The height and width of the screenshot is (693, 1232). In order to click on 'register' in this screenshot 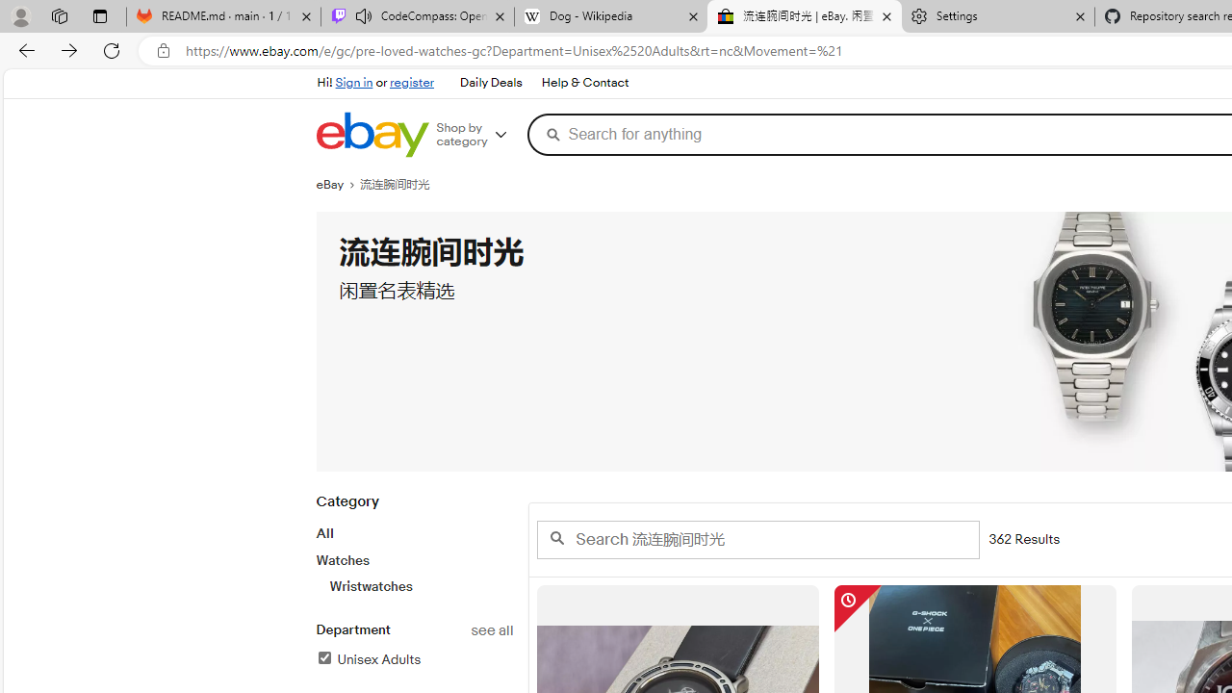, I will do `click(411, 82)`.